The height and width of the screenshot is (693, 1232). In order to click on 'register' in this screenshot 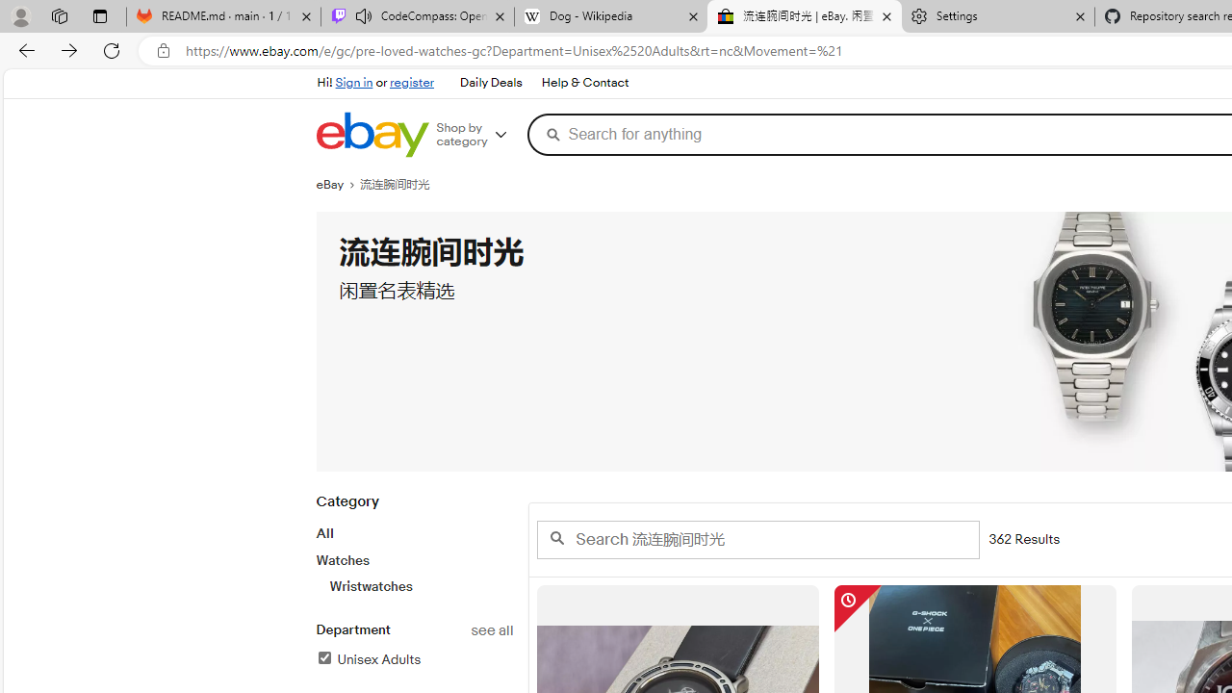, I will do `click(411, 82)`.